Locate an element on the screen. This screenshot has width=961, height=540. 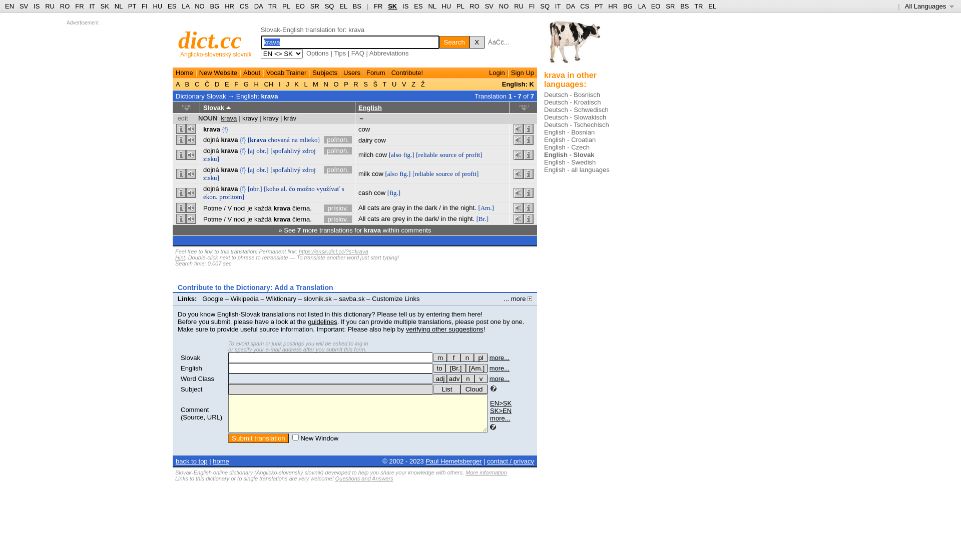
'H' is located at coordinates (256, 83).